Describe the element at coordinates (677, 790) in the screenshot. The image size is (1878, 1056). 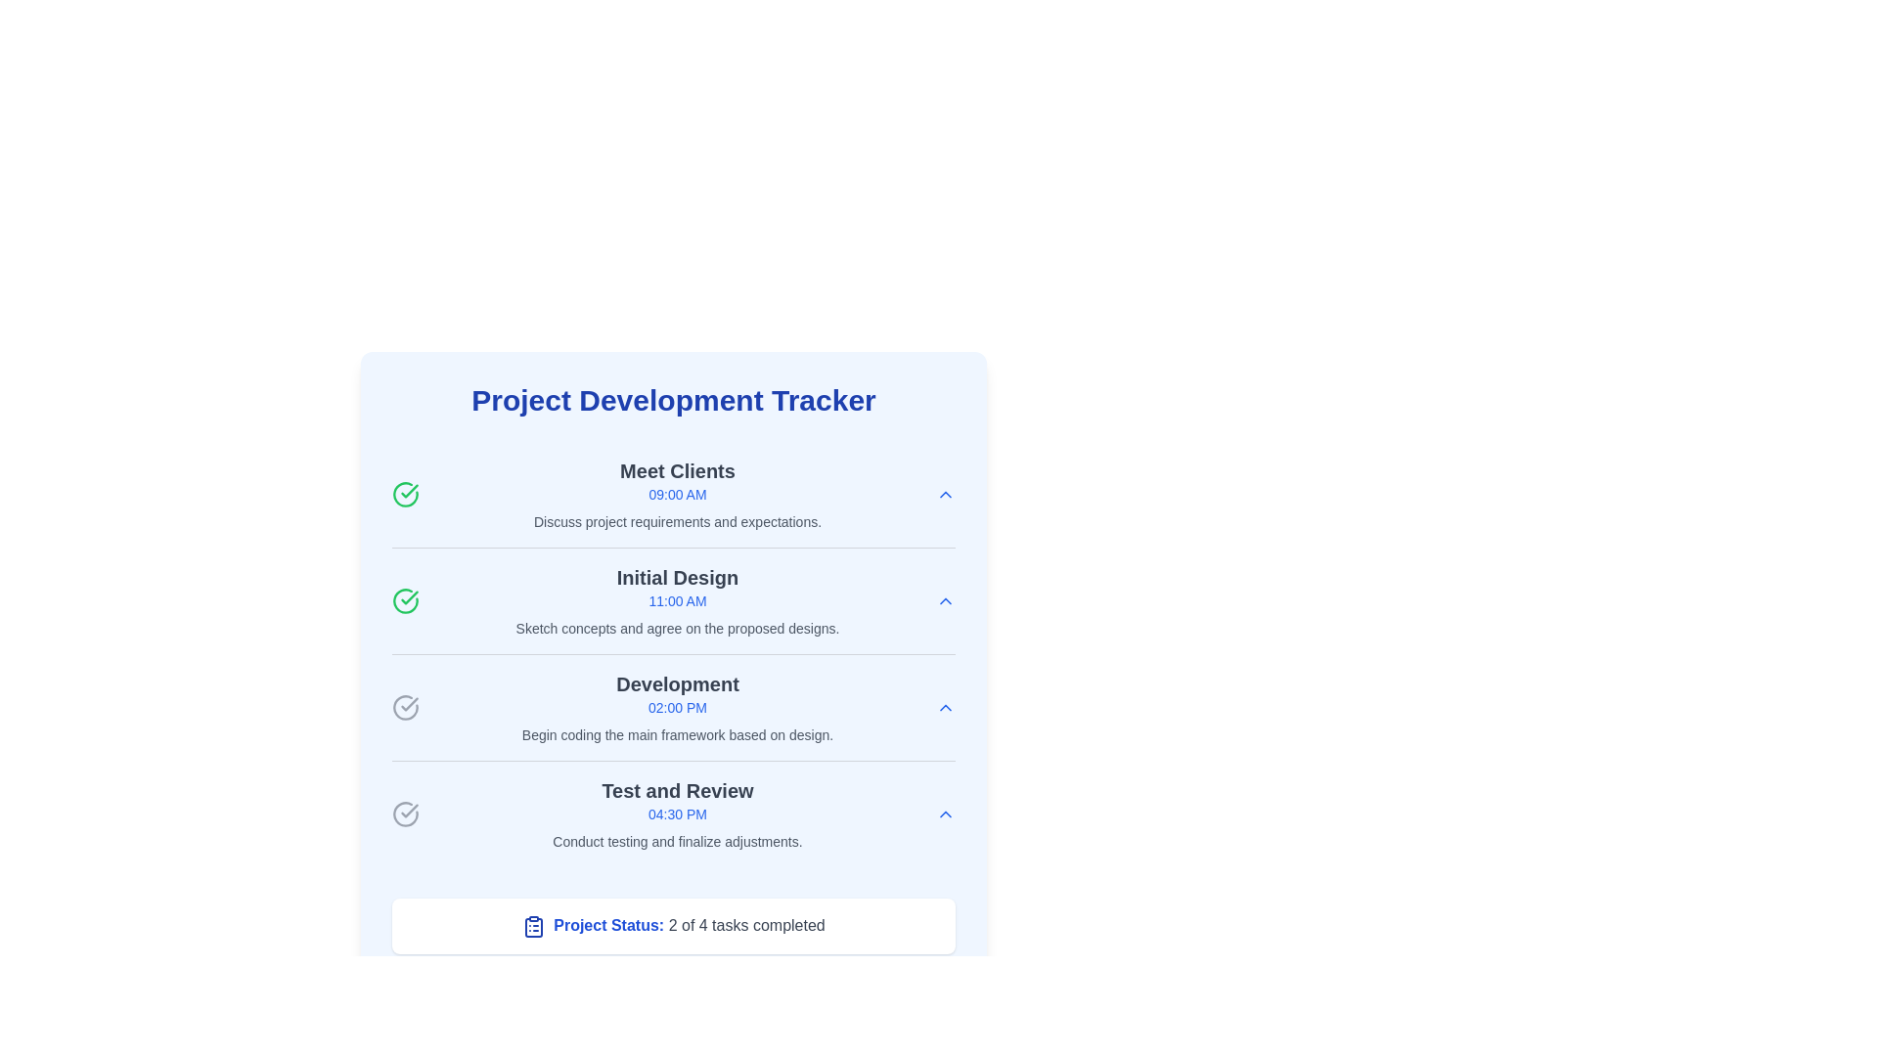
I see `text content of the bold dark gray Text Label located above the time indicator '04:30 PM' in the fourth task entry of the 'Project Development Tracker'` at that location.